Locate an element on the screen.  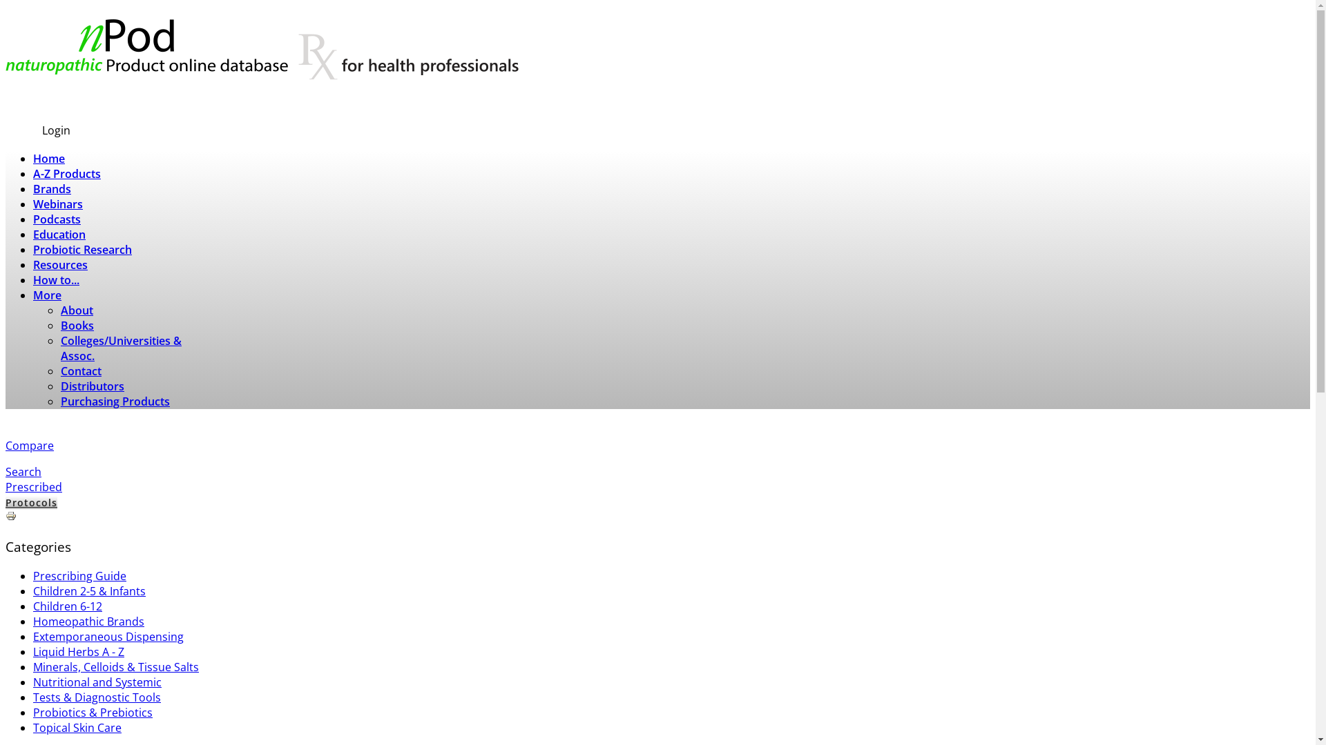
'About' is located at coordinates (76, 310).